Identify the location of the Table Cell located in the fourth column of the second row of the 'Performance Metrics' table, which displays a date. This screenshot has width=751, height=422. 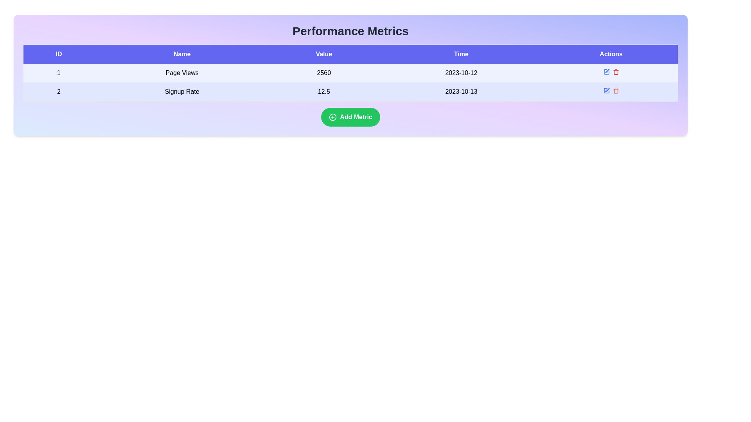
(461, 91).